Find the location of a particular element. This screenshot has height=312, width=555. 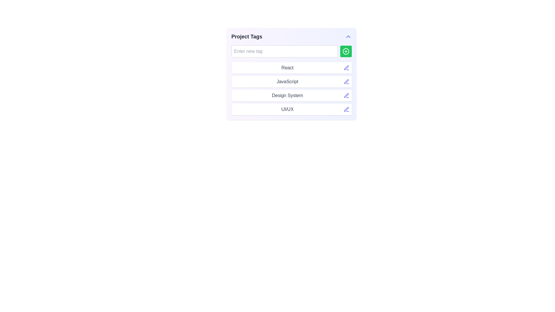

the icon button located to the right of the 'UI/UX' text in the 'Project Tags' section to initiate editing is located at coordinates (346, 109).